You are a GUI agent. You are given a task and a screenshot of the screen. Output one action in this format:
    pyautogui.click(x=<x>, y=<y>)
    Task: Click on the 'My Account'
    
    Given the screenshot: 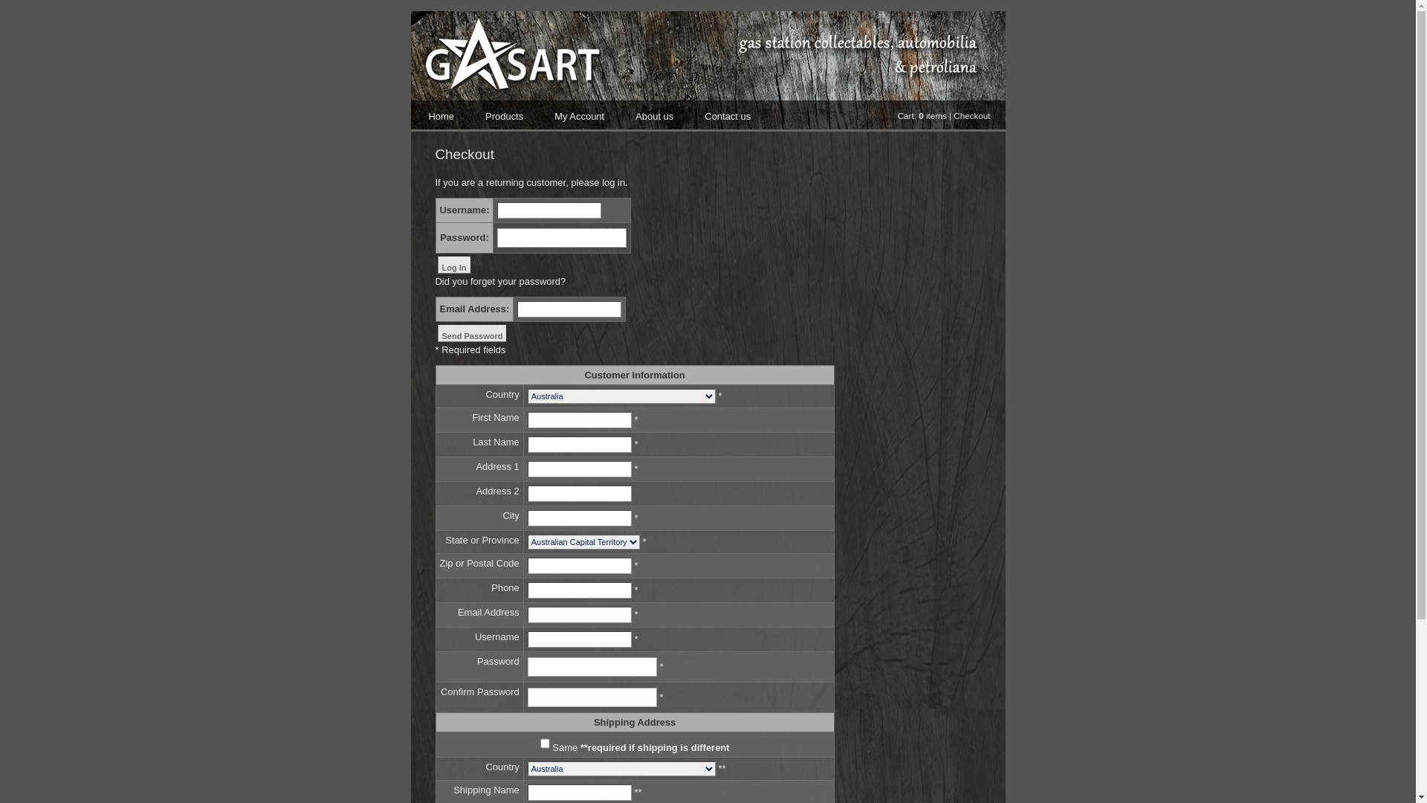 What is the action you would take?
    pyautogui.click(x=578, y=115)
    